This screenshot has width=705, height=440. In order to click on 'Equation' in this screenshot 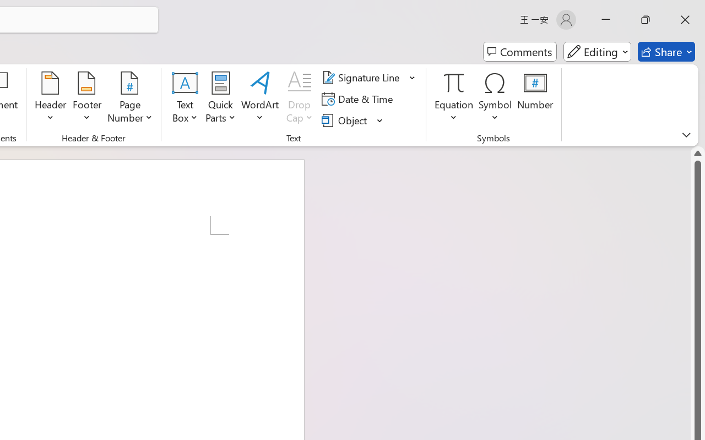, I will do `click(454, 98)`.